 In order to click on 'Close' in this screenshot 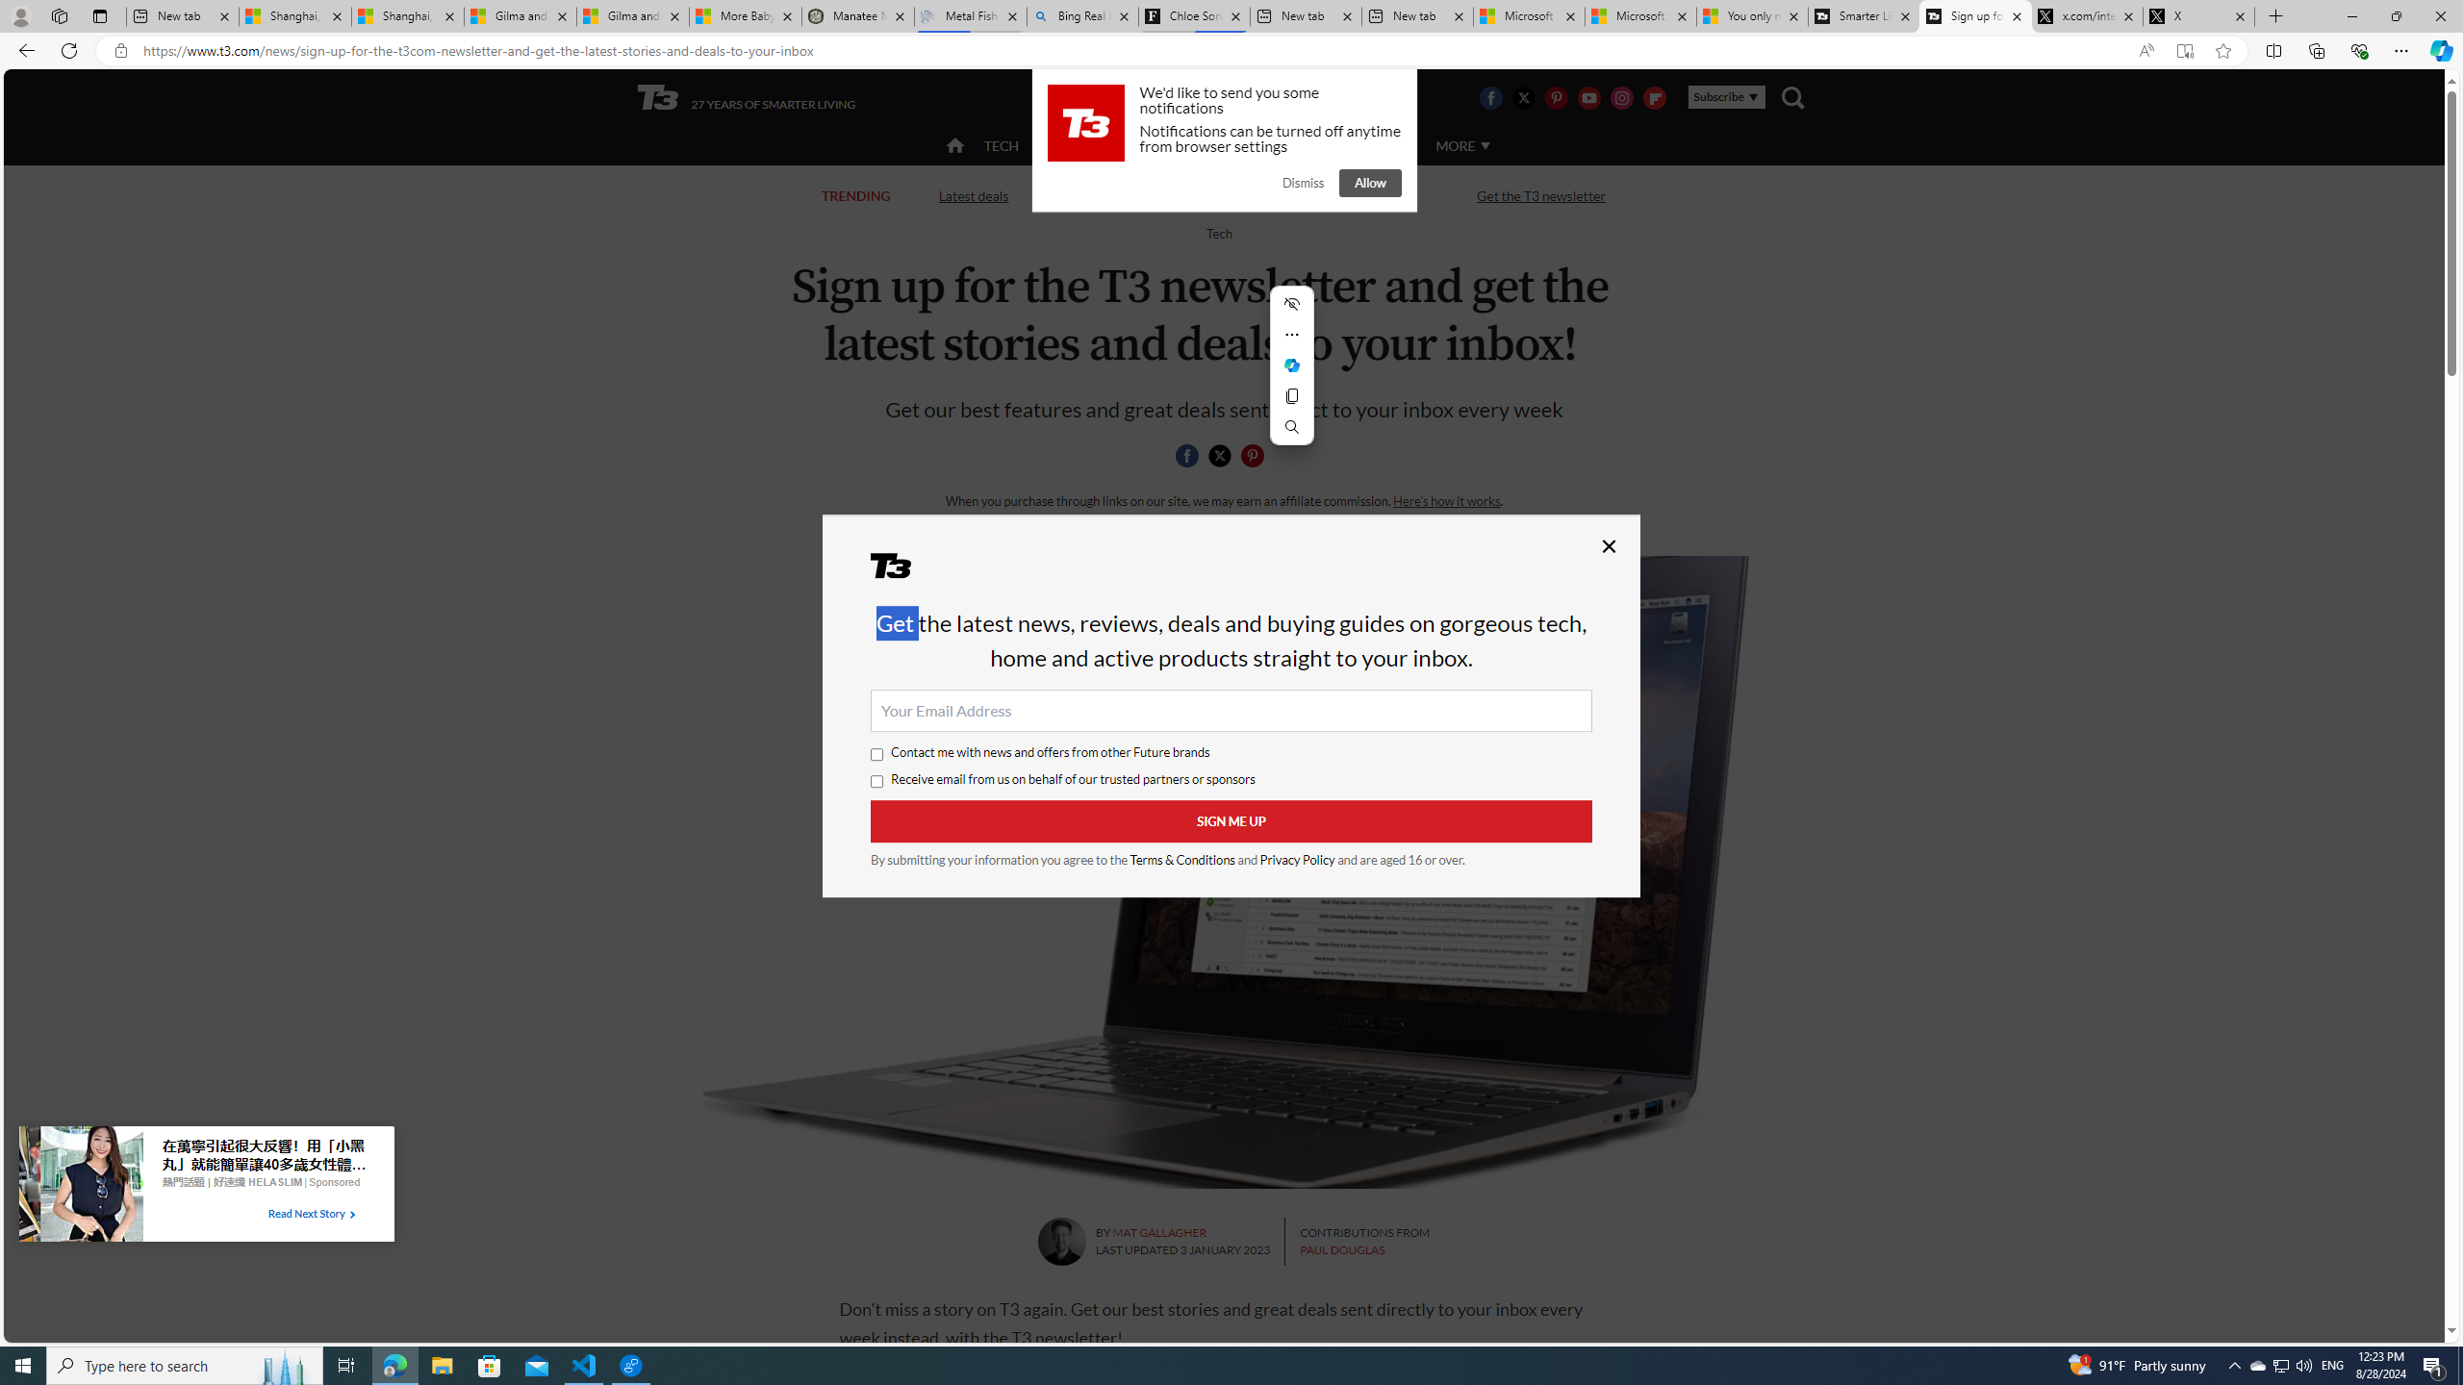, I will do `click(1608, 545)`.